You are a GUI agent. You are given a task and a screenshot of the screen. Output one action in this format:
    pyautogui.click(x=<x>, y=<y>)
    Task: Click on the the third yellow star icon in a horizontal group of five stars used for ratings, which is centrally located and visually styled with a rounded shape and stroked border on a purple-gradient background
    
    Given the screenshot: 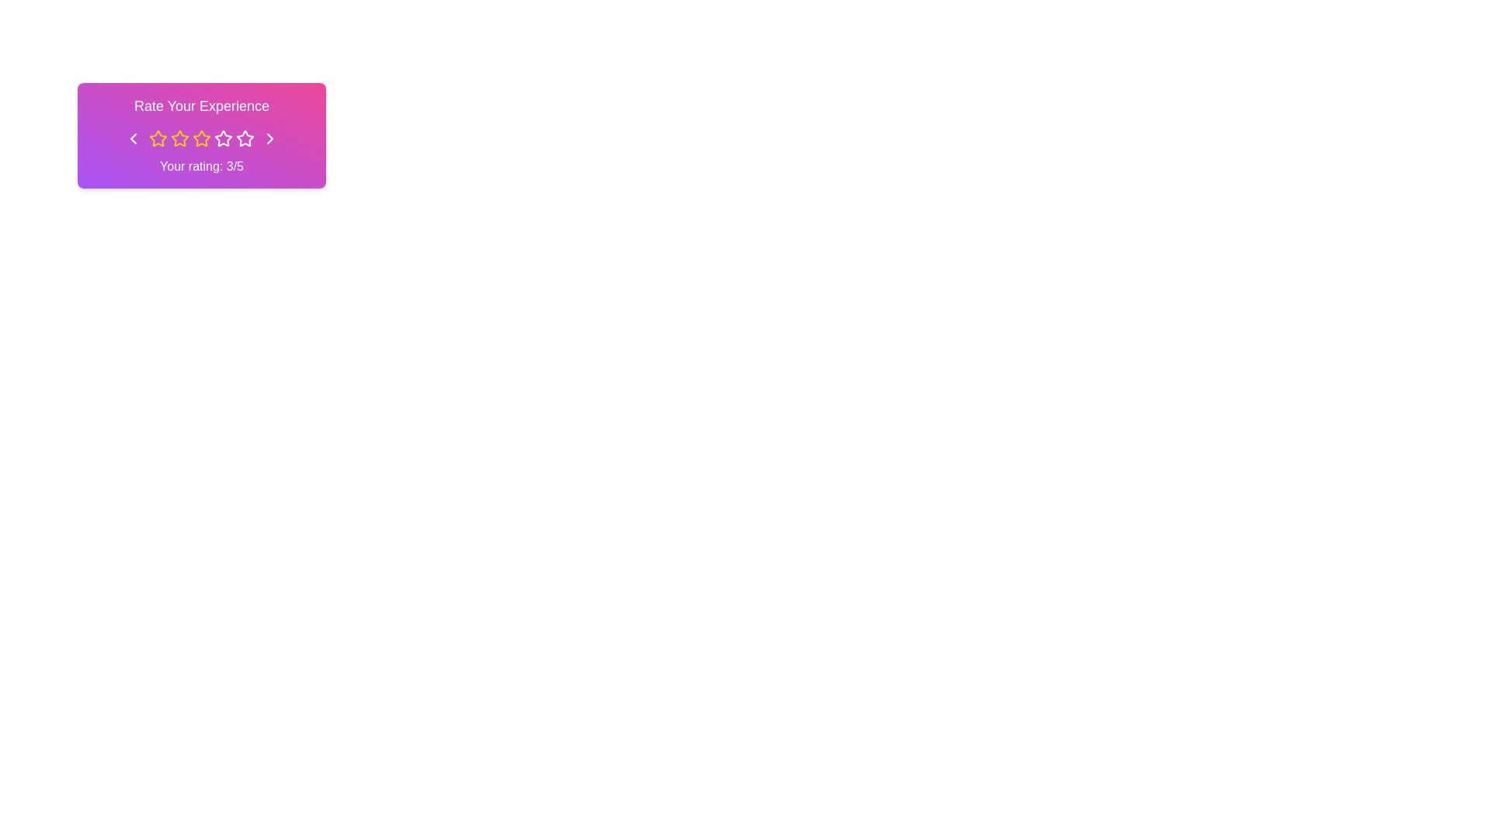 What is the action you would take?
    pyautogui.click(x=179, y=137)
    